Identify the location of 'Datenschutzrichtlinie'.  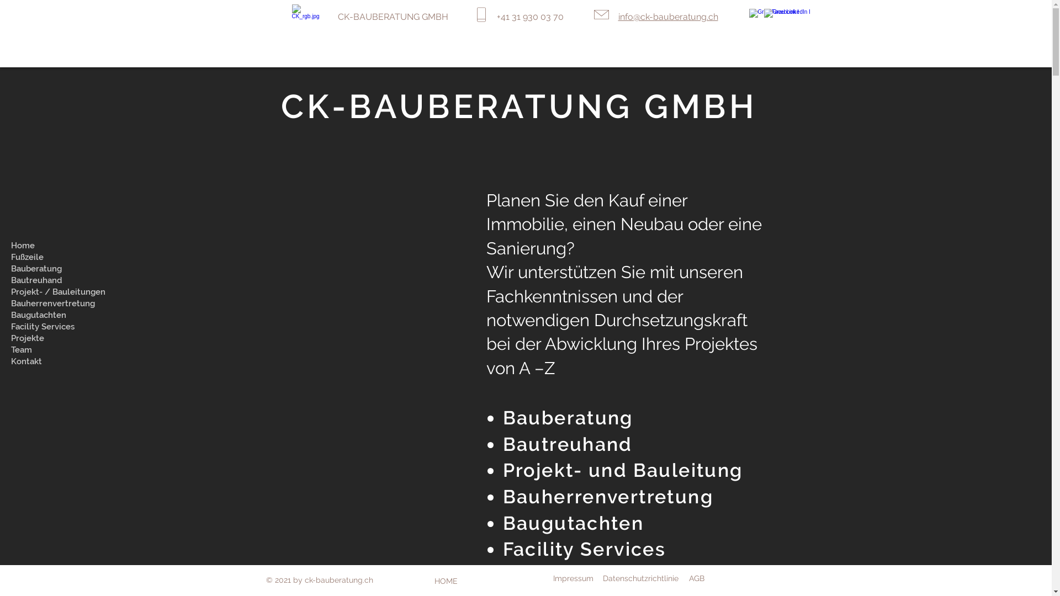
(640, 578).